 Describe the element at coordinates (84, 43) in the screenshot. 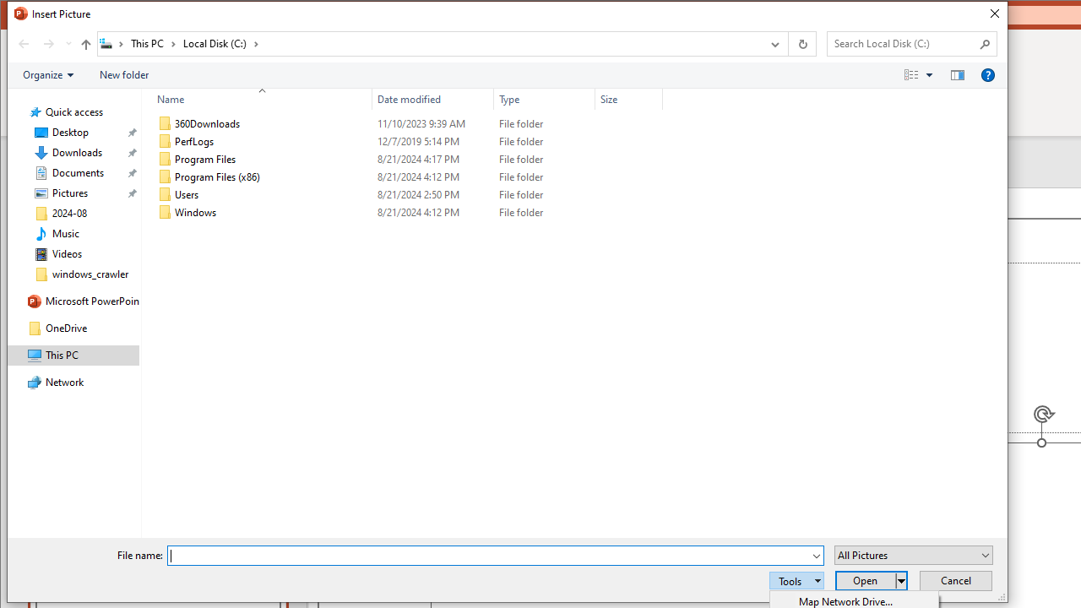

I see `'Up to "This PC" (Alt + Up Arrow)'` at that location.